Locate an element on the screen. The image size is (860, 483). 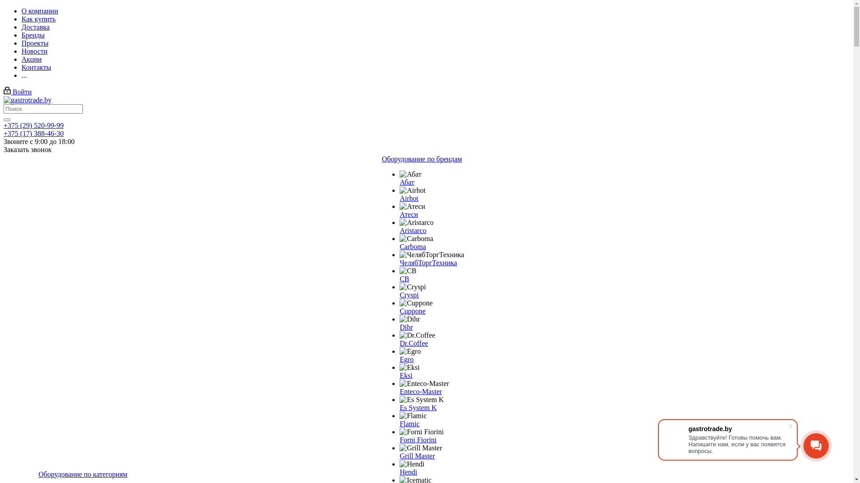
'Egro' is located at coordinates (399, 351).